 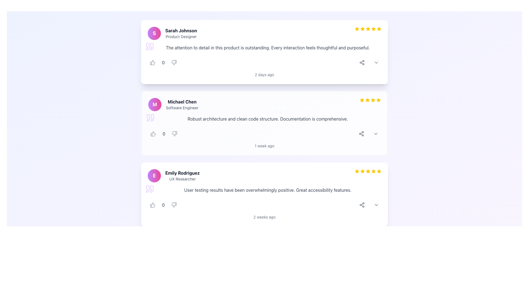 I want to click on the share icon located at the bottom-right corner of the review component, which triggers sharing functionality, so click(x=362, y=62).